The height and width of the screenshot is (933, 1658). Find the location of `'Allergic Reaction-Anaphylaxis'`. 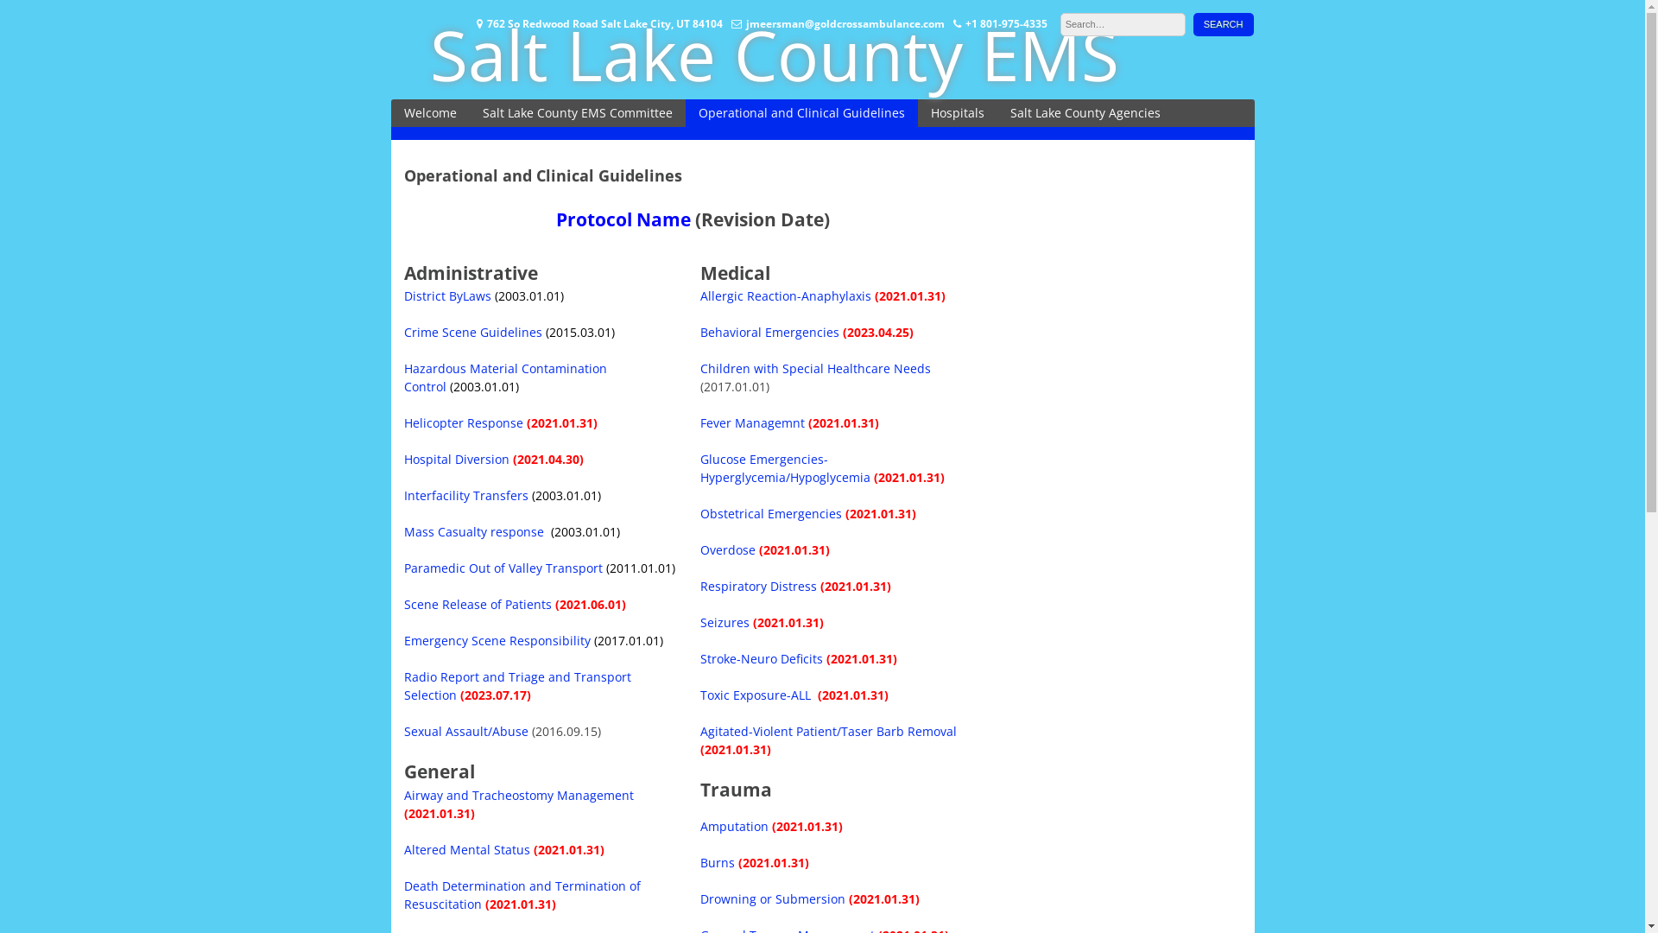

'Allergic Reaction-Anaphylaxis' is located at coordinates (787, 295).